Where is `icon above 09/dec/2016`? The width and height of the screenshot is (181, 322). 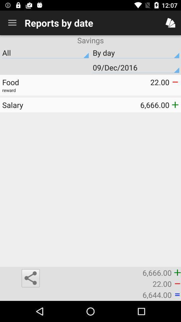
icon above 09/dec/2016 is located at coordinates (136, 52).